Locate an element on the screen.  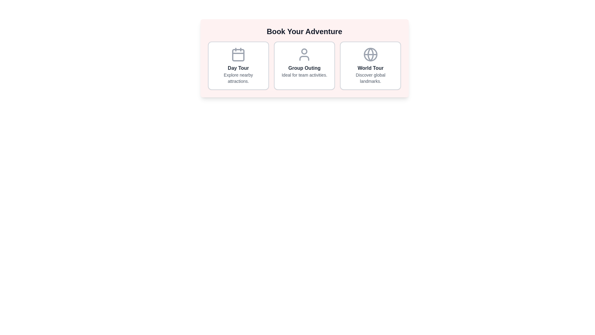
the calendar icon in the 'Day Tour' section, which is located in the leftmost panel of a three-panel layout is located at coordinates (238, 54).